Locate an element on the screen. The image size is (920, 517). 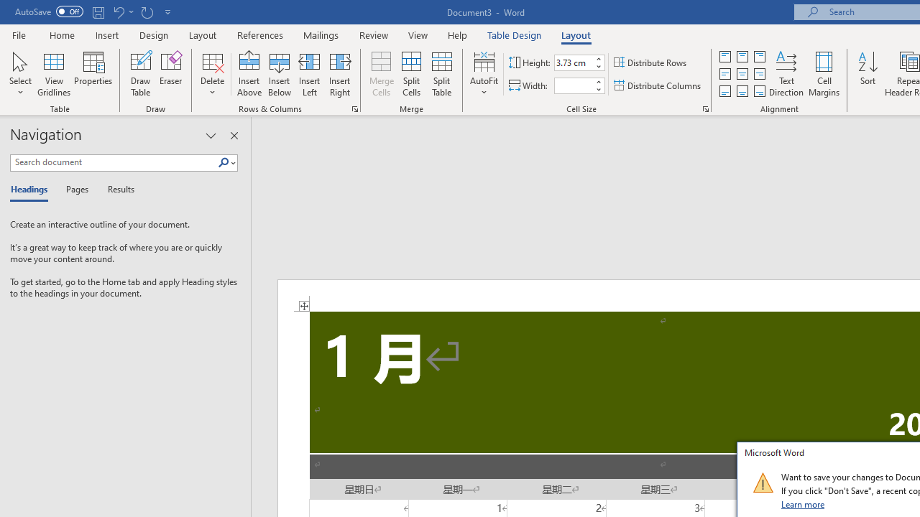
'Split Table' is located at coordinates (441, 74).